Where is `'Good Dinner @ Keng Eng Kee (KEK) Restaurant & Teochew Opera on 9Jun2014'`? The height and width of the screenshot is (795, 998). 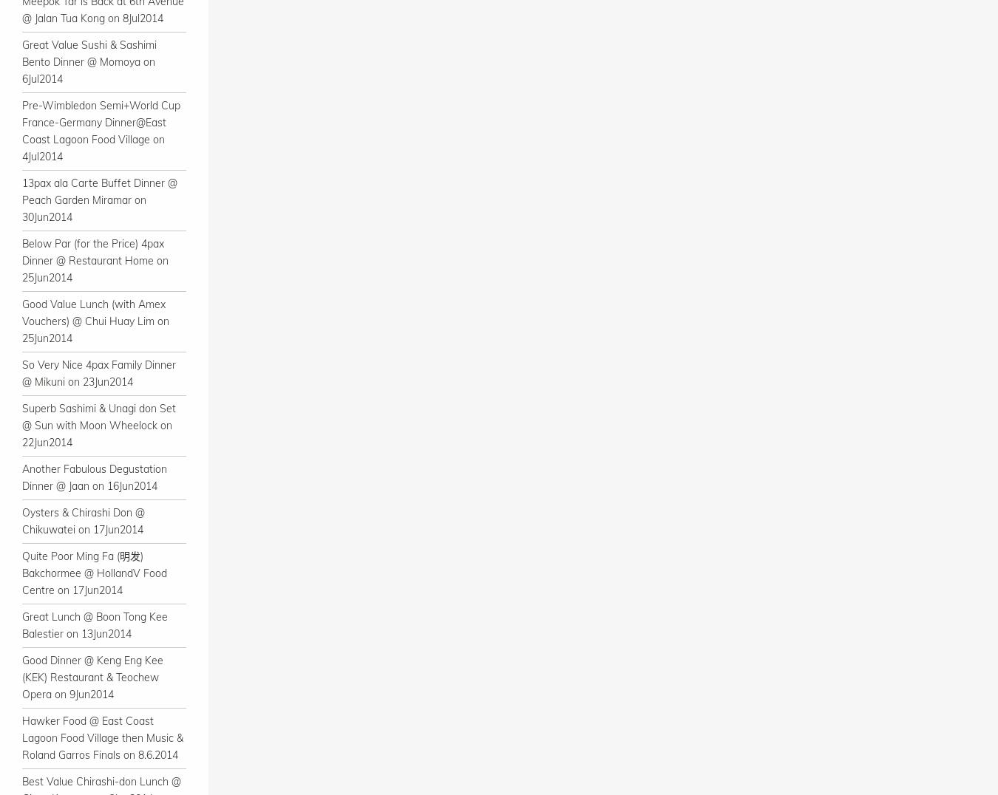
'Good Dinner @ Keng Eng Kee (KEK) Restaurant & Teochew Opera on 9Jun2014' is located at coordinates (92, 676).